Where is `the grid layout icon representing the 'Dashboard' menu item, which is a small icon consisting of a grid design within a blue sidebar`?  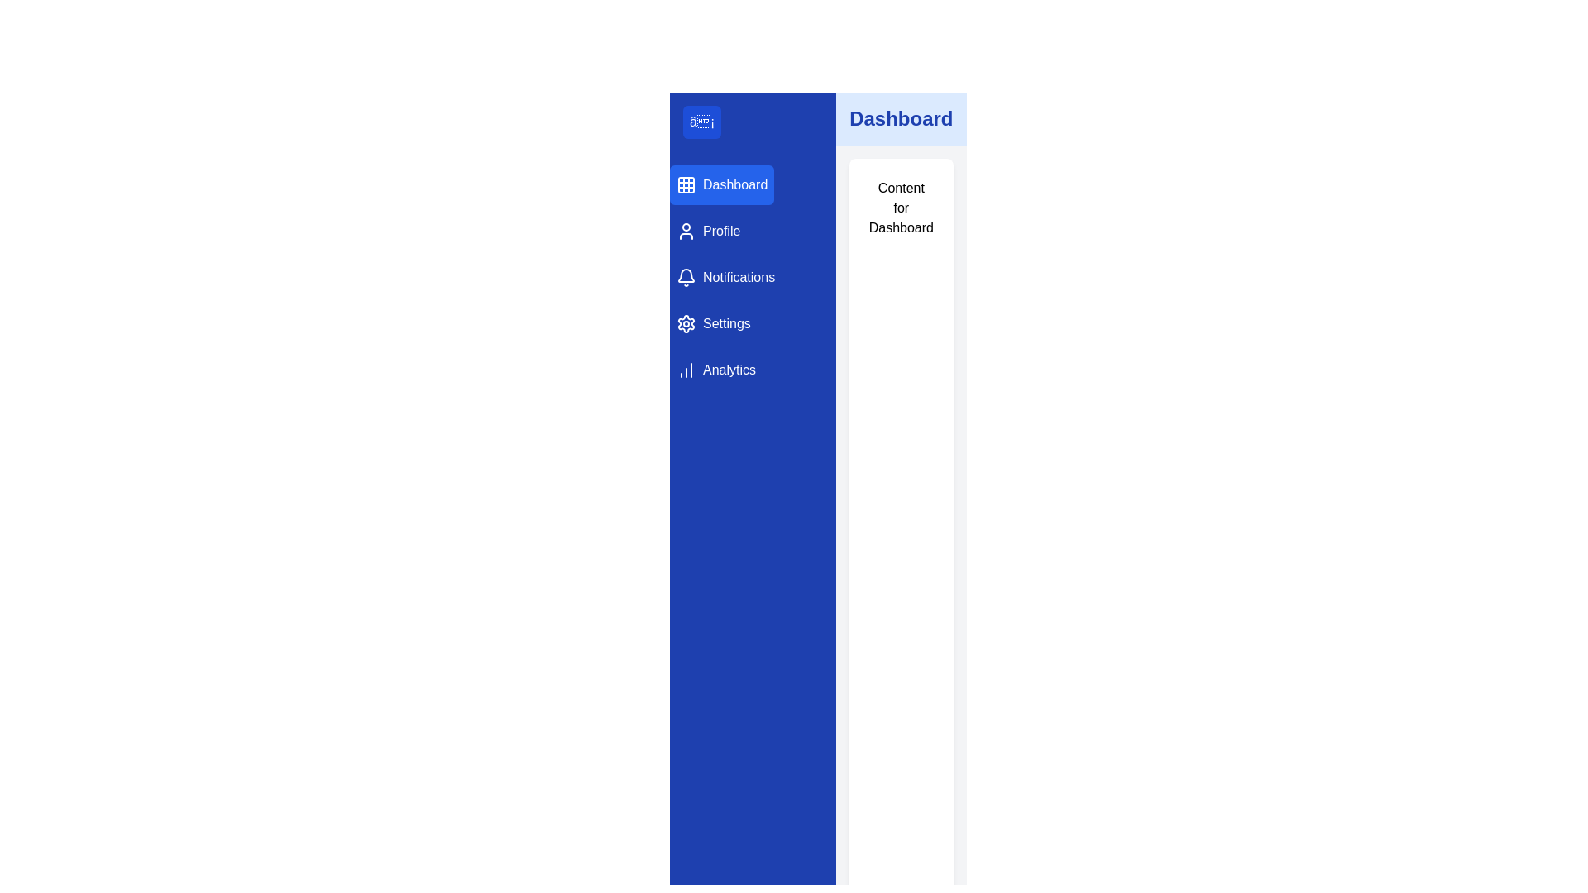 the grid layout icon representing the 'Dashboard' menu item, which is a small icon consisting of a grid design within a blue sidebar is located at coordinates (686, 184).